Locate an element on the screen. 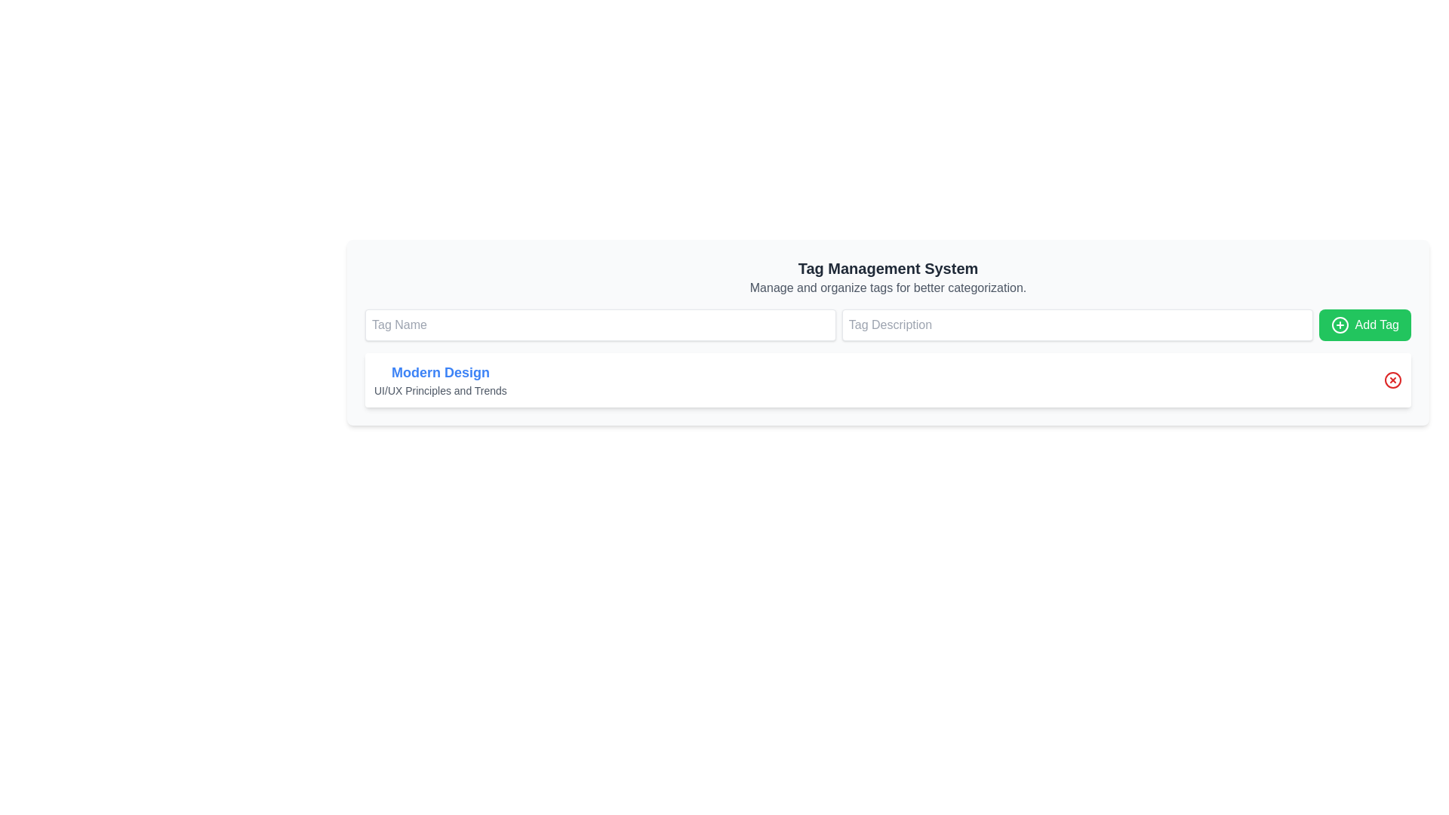 Image resolution: width=1449 pixels, height=815 pixels. the static text block displaying 'Modern Design' and 'UI/UX Principles and Trends', which is located near the top-middle of the 'Tag Management System' module is located at coordinates (439, 380).